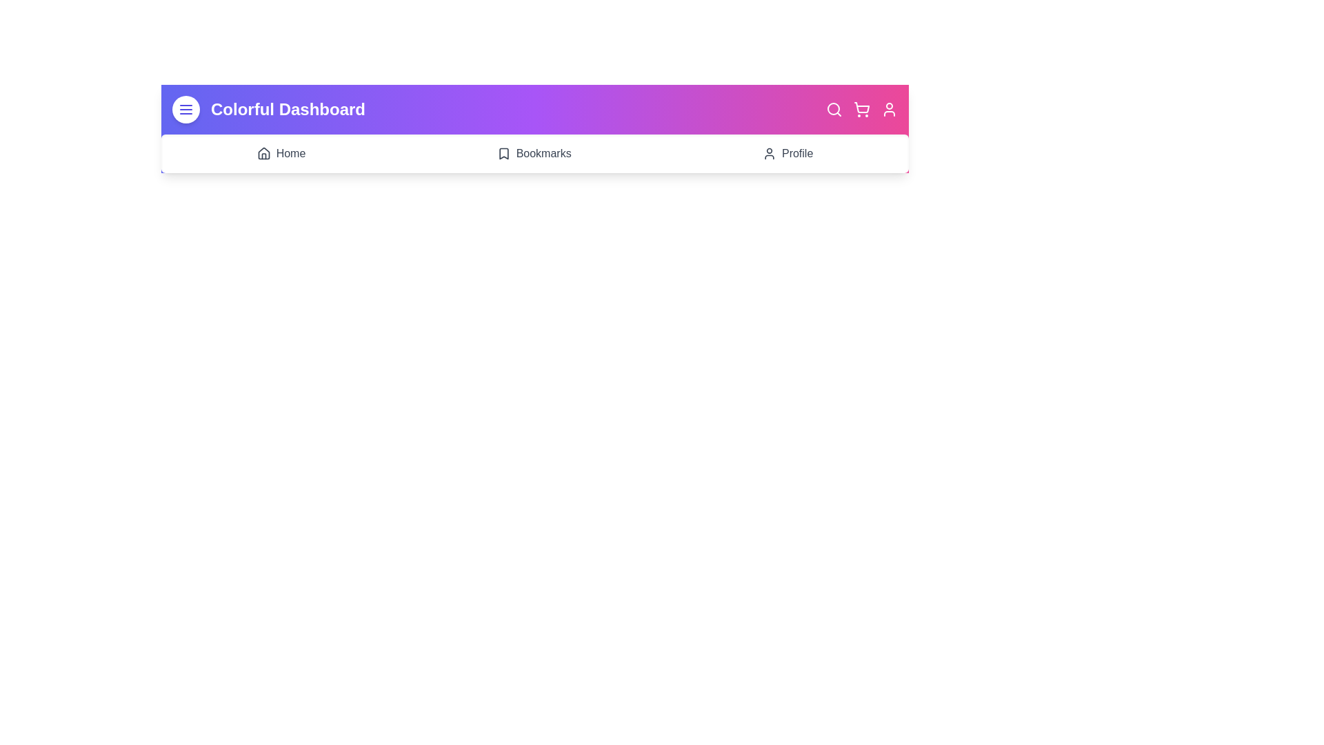 The height and width of the screenshot is (745, 1324). Describe the element at coordinates (861, 108) in the screenshot. I see `the Shopping Cart icon in the top-right corner of the app bar` at that location.